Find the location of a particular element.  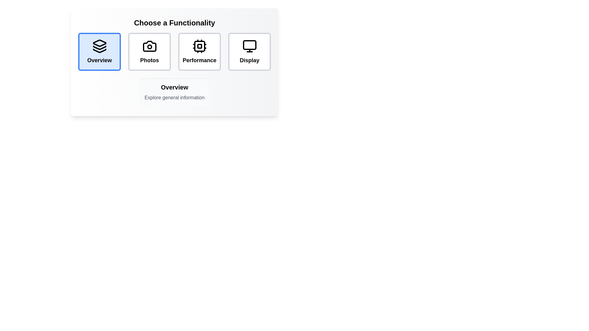

the small rectangle with rounded corners that is located inside the larger square element styled like a computer chip is located at coordinates (199, 46).